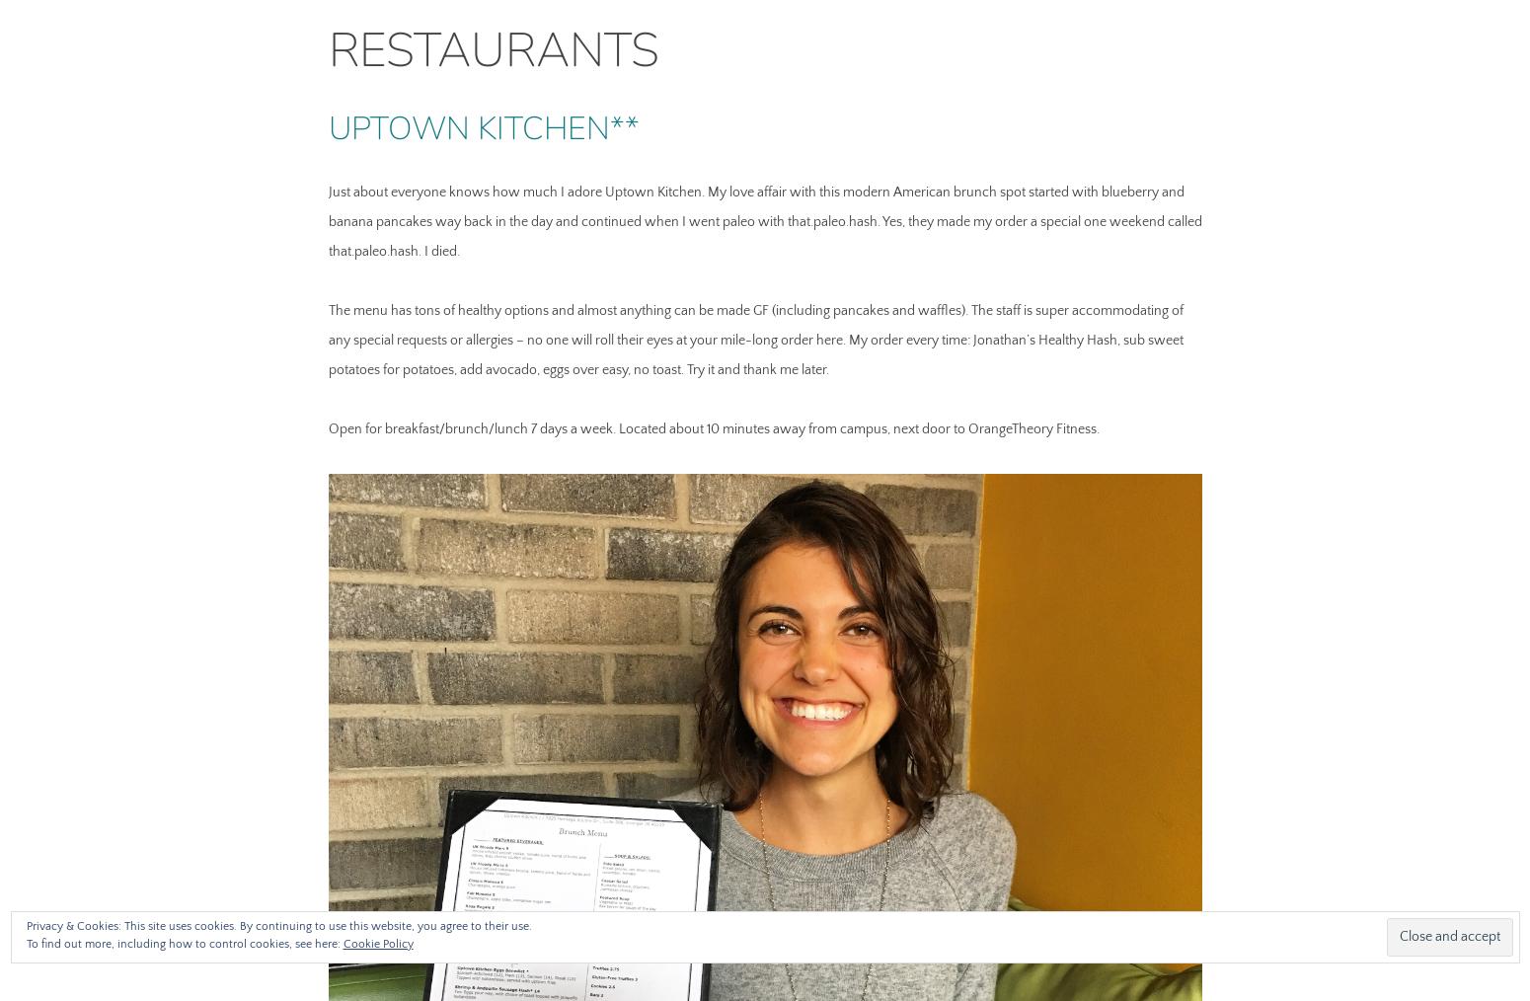 This screenshot has height=1001, width=1530. I want to click on 'Cookie Policy', so click(376, 943).